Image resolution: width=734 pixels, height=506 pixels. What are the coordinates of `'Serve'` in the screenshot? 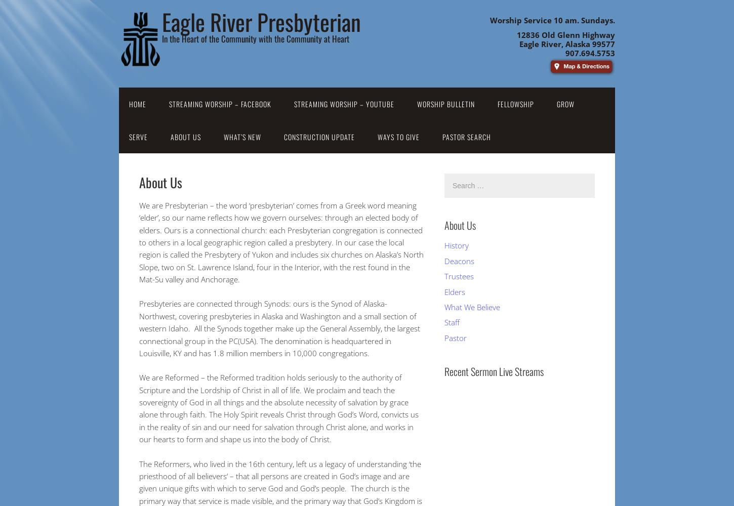 It's located at (138, 137).